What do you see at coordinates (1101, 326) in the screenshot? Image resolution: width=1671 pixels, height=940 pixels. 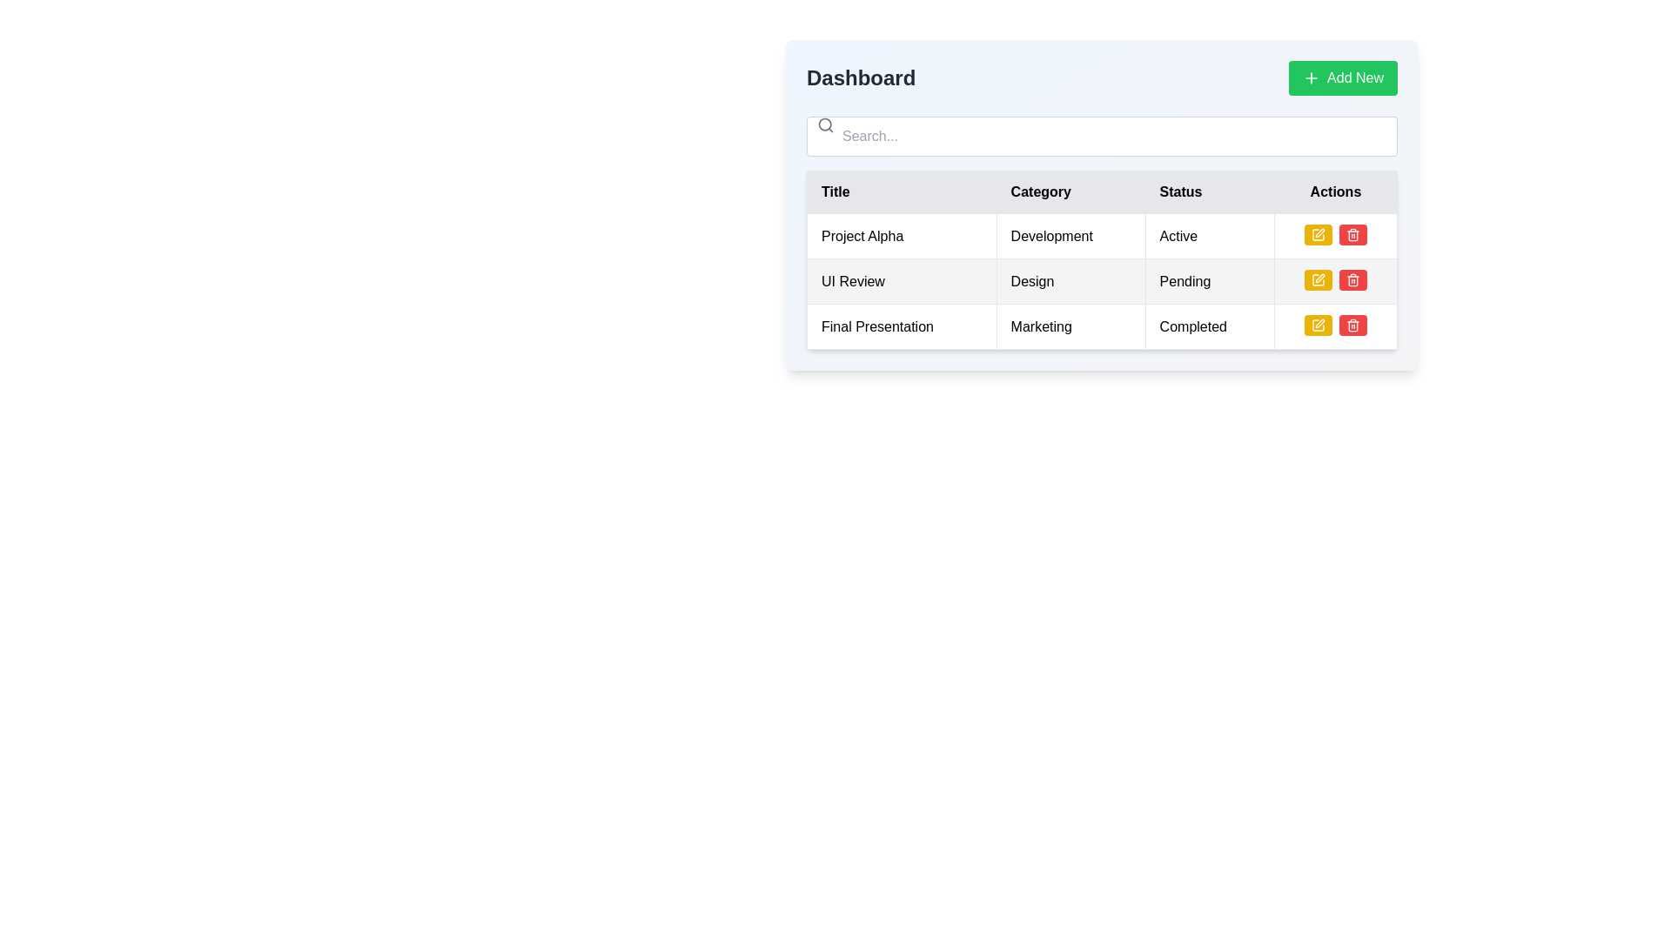 I see `the third row in the table displaying 'Final Presentation', 'Marketing', 'Completed'` at bounding box center [1101, 326].